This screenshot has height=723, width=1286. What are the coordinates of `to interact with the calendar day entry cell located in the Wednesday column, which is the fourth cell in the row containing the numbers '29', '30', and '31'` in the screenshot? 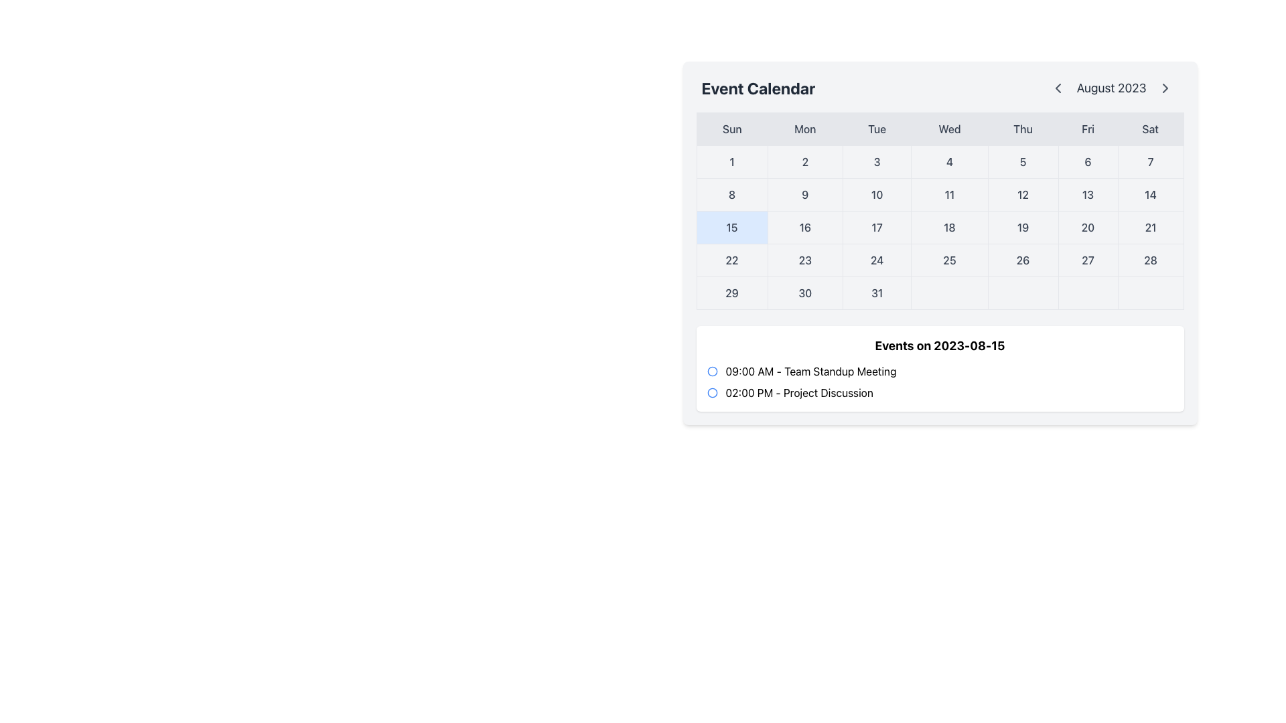 It's located at (948, 293).